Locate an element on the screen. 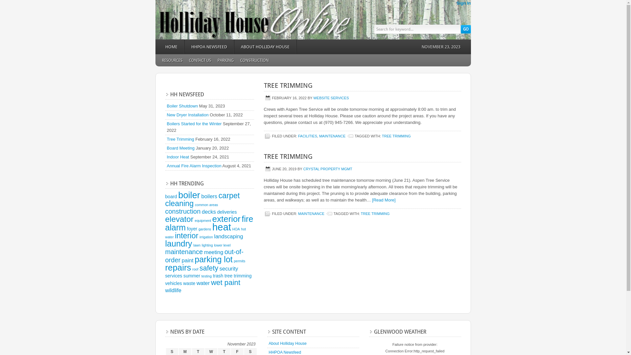  'security' is located at coordinates (229, 269).